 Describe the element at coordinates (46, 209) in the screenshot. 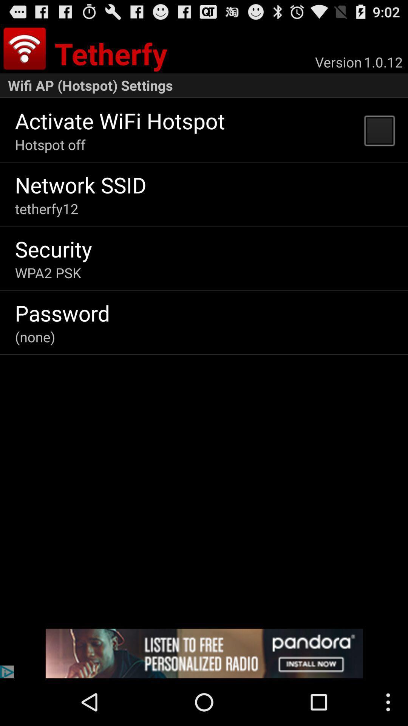

I see `the tetherfy12` at that location.